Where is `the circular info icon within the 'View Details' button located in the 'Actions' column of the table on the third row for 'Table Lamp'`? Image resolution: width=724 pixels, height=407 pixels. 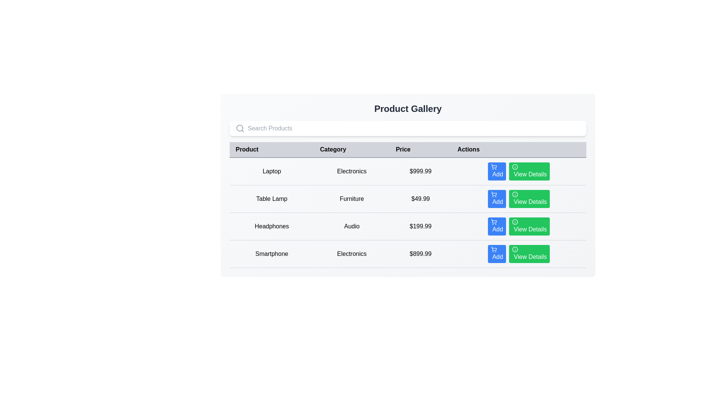
the circular info icon within the 'View Details' button located in the 'Actions' column of the table on the third row for 'Table Lamp' is located at coordinates (515, 194).